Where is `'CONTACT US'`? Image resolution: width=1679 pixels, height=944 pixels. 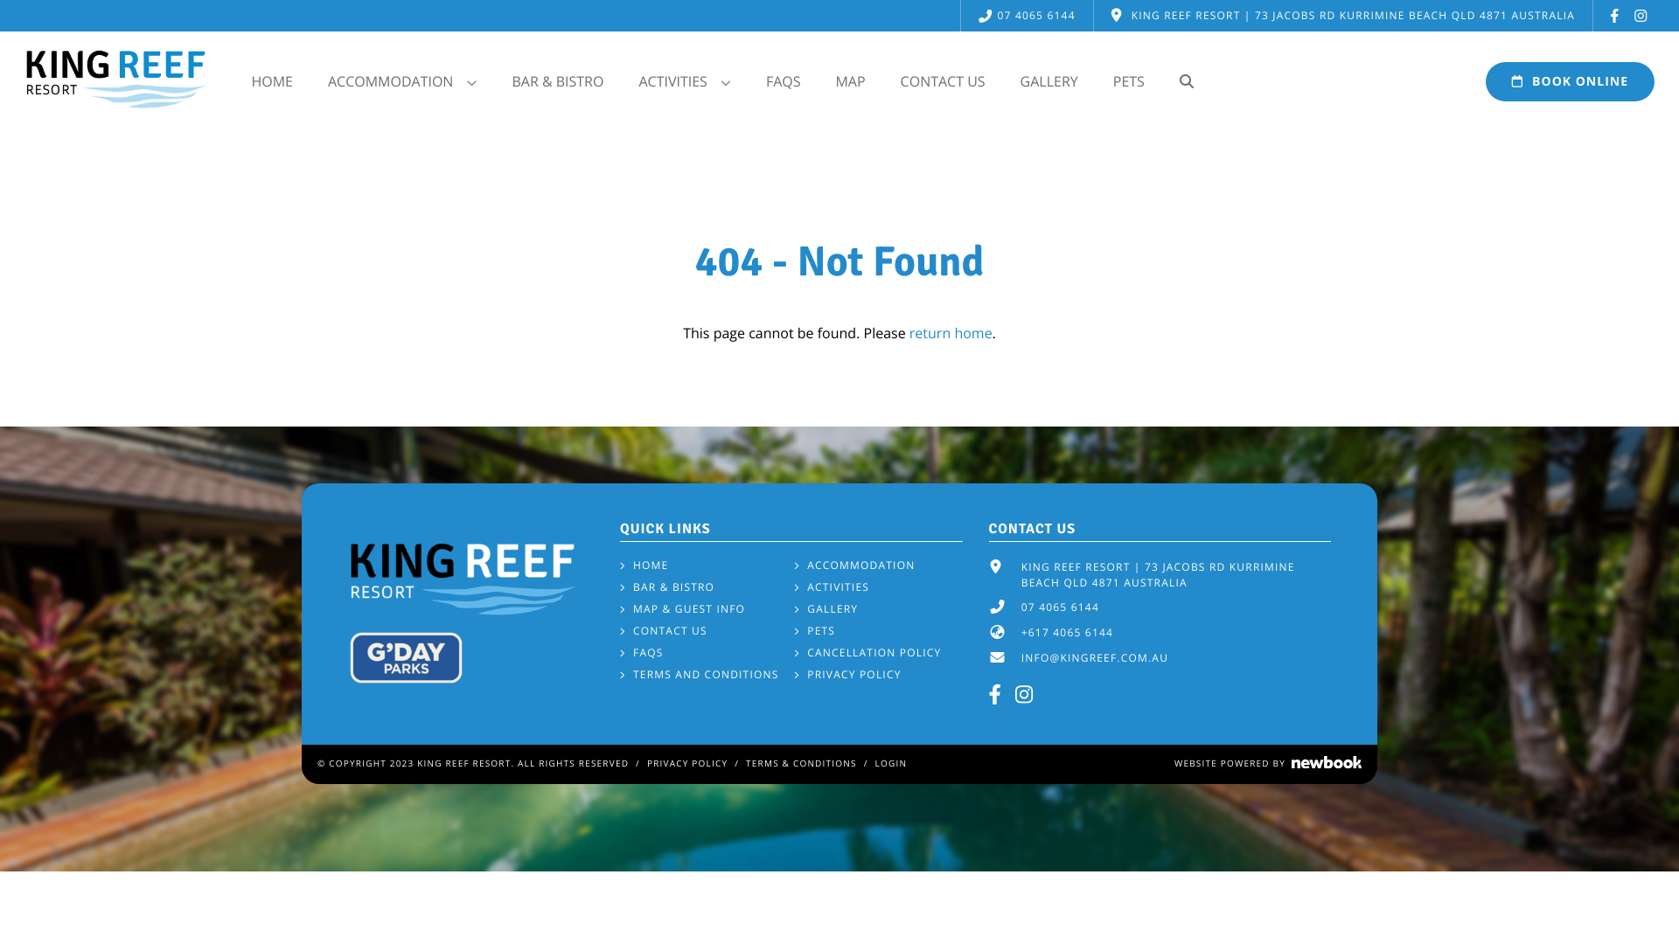
'CONTACT US' is located at coordinates (882, 80).